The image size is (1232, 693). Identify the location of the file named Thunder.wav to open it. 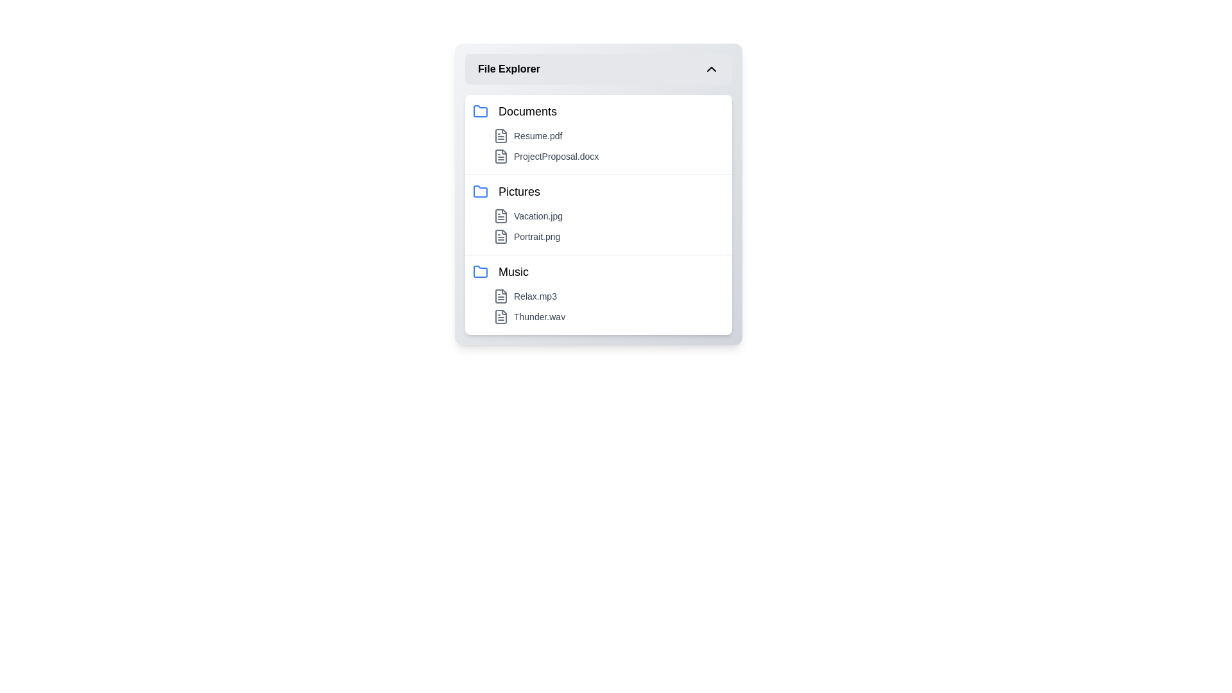
(608, 316).